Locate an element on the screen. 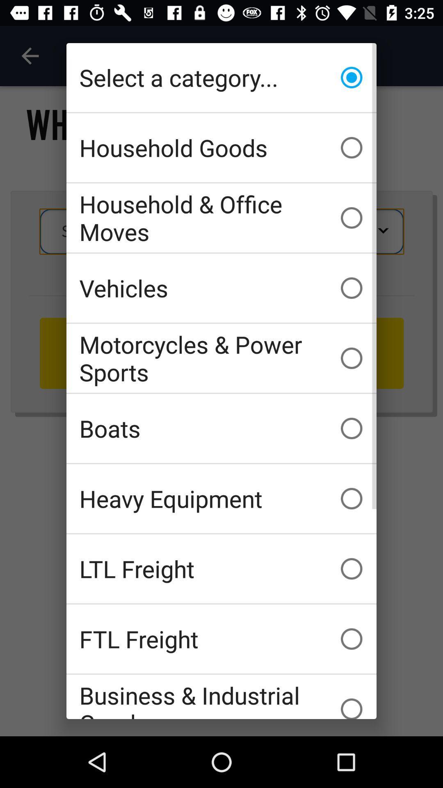 The width and height of the screenshot is (443, 788). the icon above the ltl freight item is located at coordinates (221, 498).